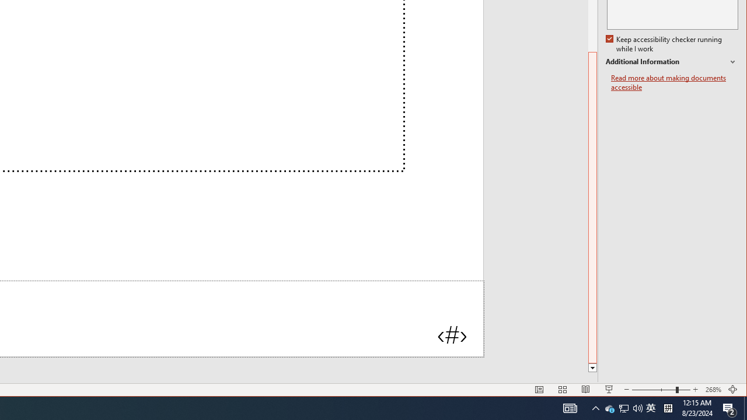 This screenshot has width=747, height=420. I want to click on 'Zoom In', so click(695, 390).